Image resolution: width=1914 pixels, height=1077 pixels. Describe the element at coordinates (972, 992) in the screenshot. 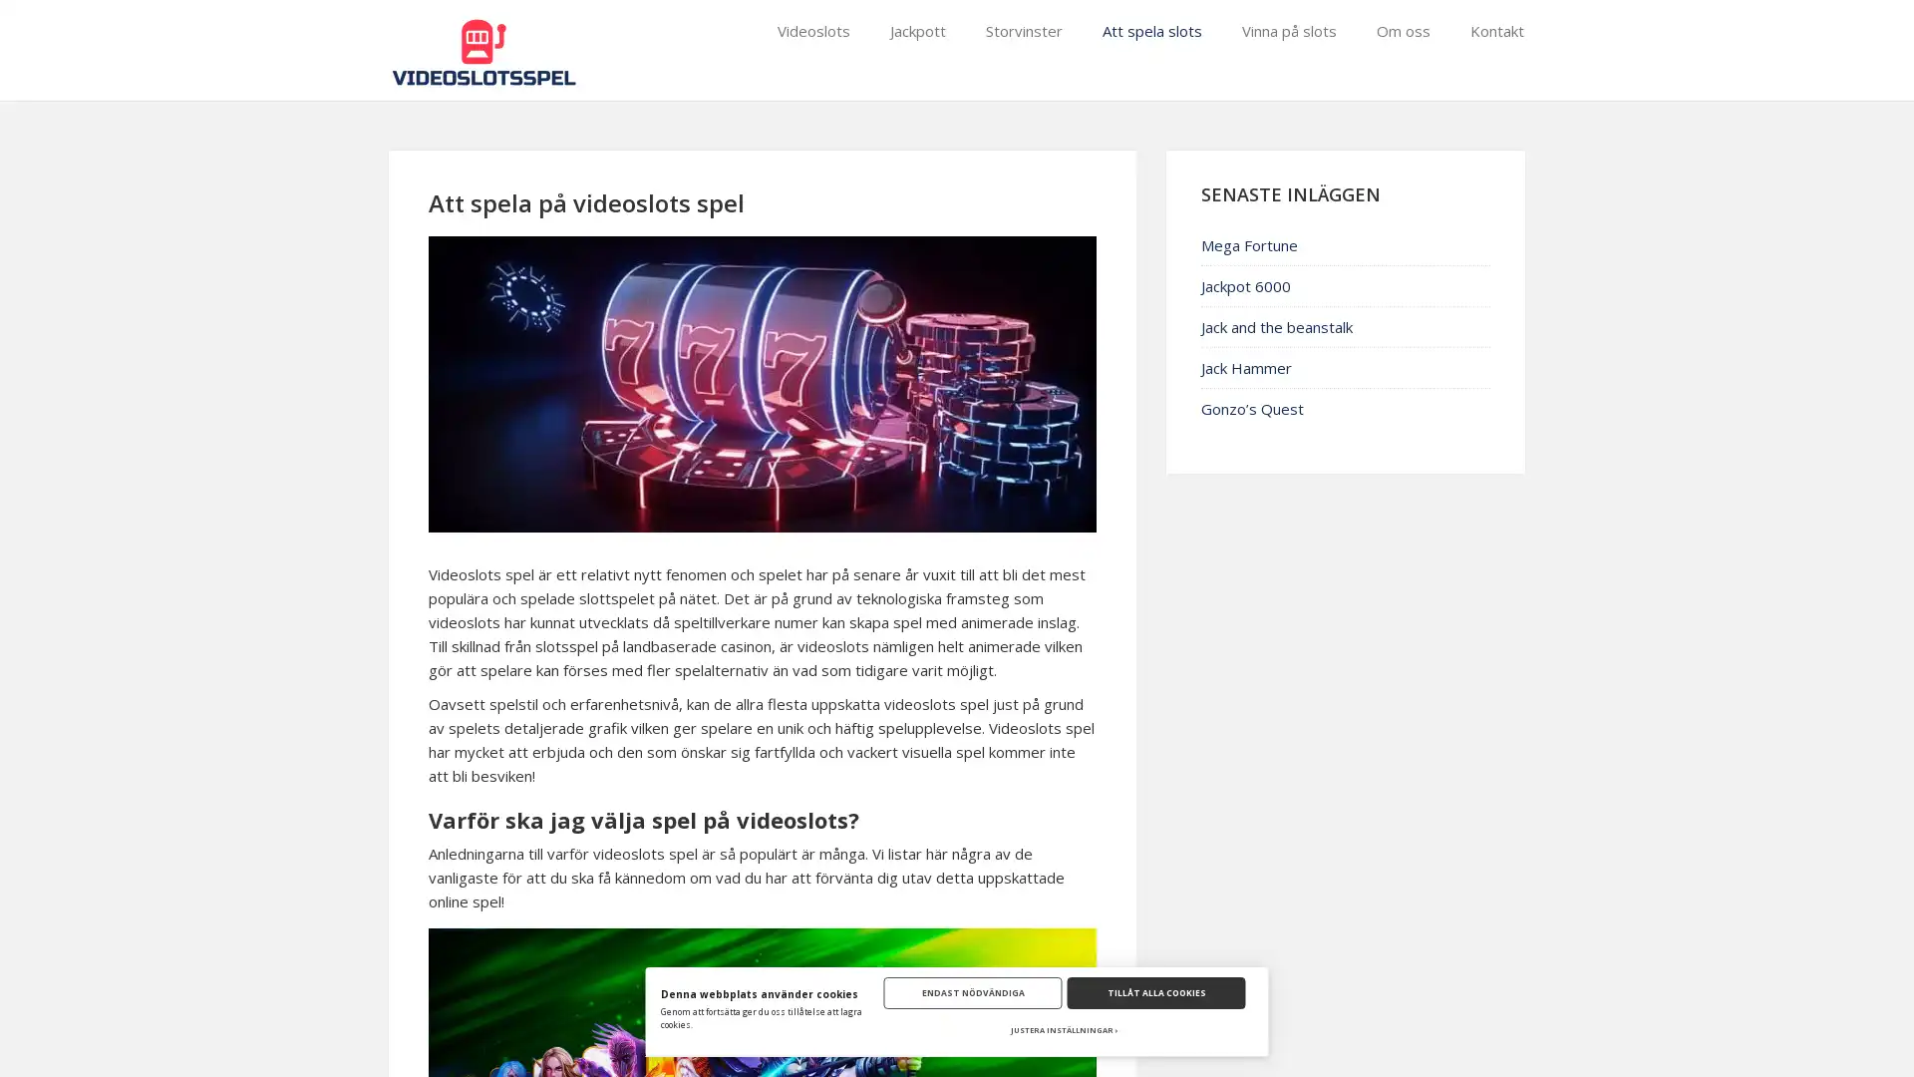

I see `ENDAST NODVANDIGA` at that location.